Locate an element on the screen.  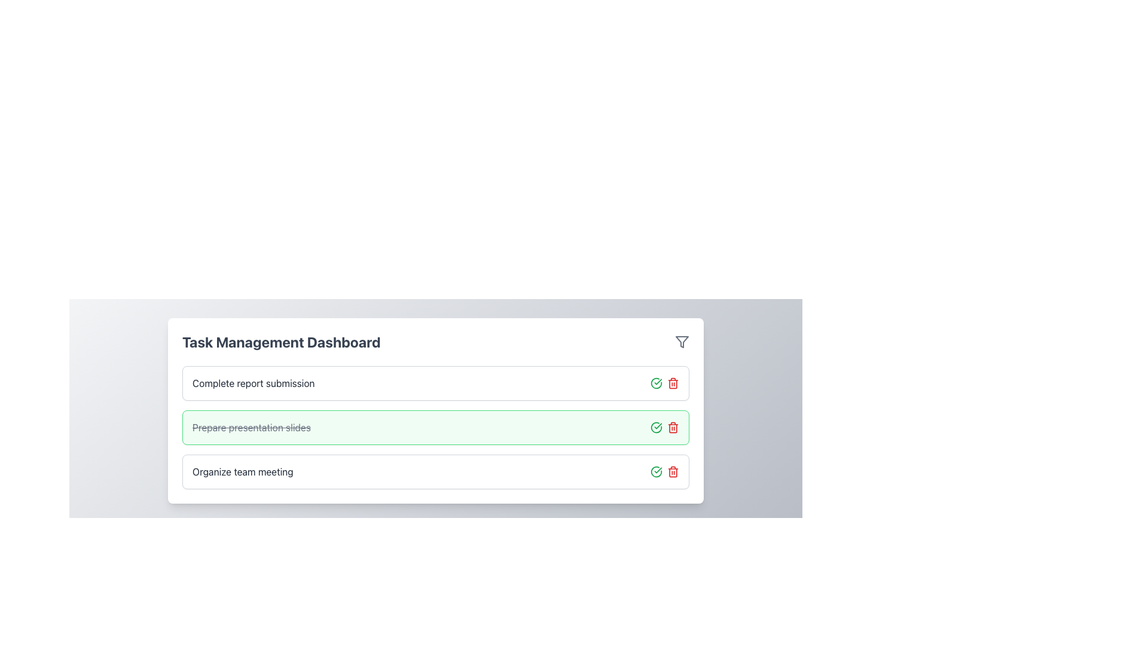
the green circular icon with a checkmark in the interactive task list of the task management dashboard, located to the left of the red delete icon in the second task row (Prepare presentation slides) is located at coordinates (656, 426).